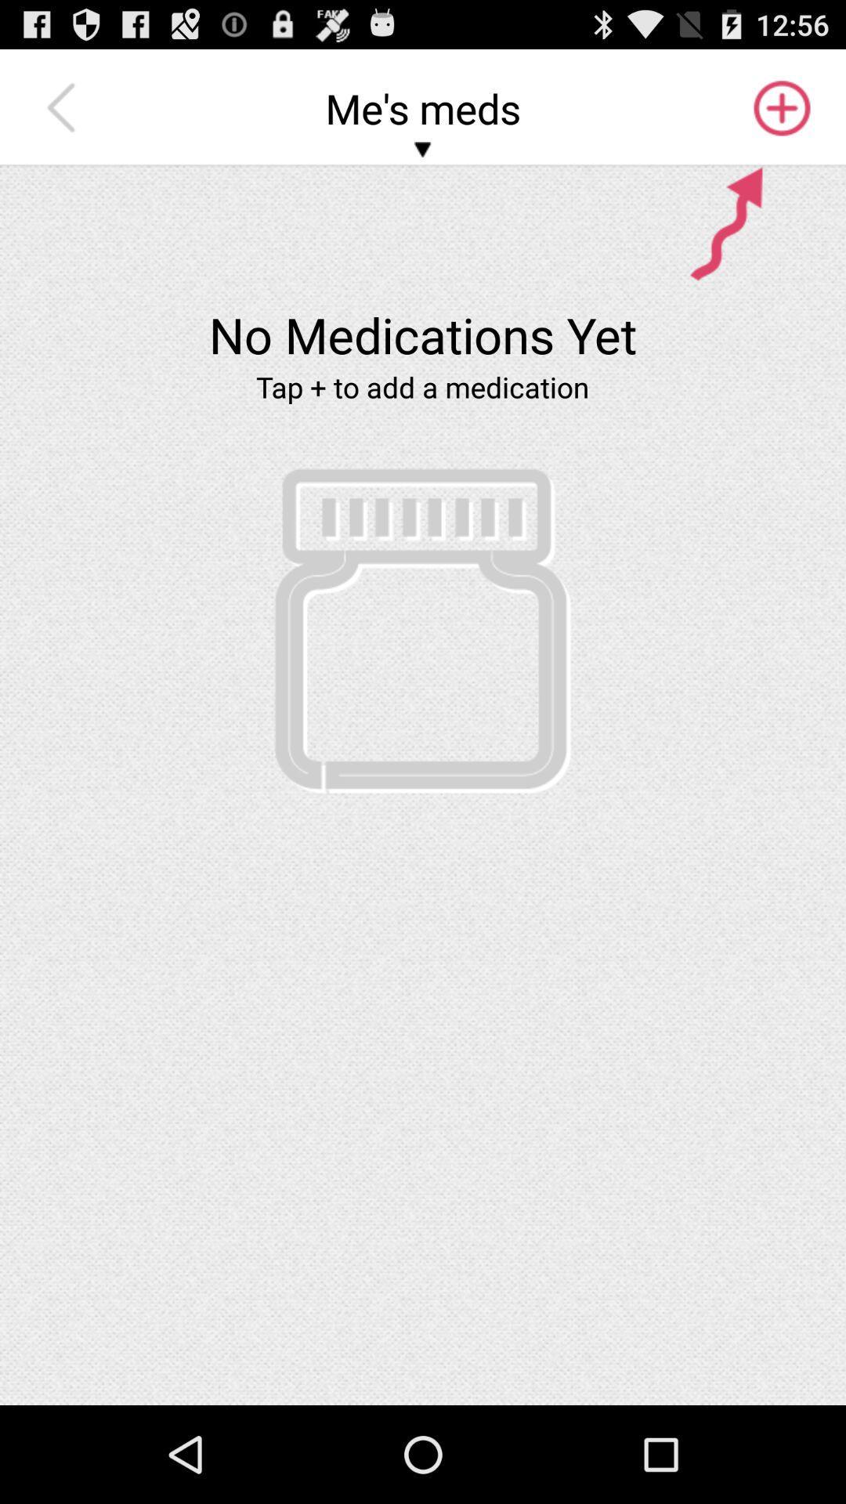  What do you see at coordinates (780, 115) in the screenshot?
I see `the add icon` at bounding box center [780, 115].